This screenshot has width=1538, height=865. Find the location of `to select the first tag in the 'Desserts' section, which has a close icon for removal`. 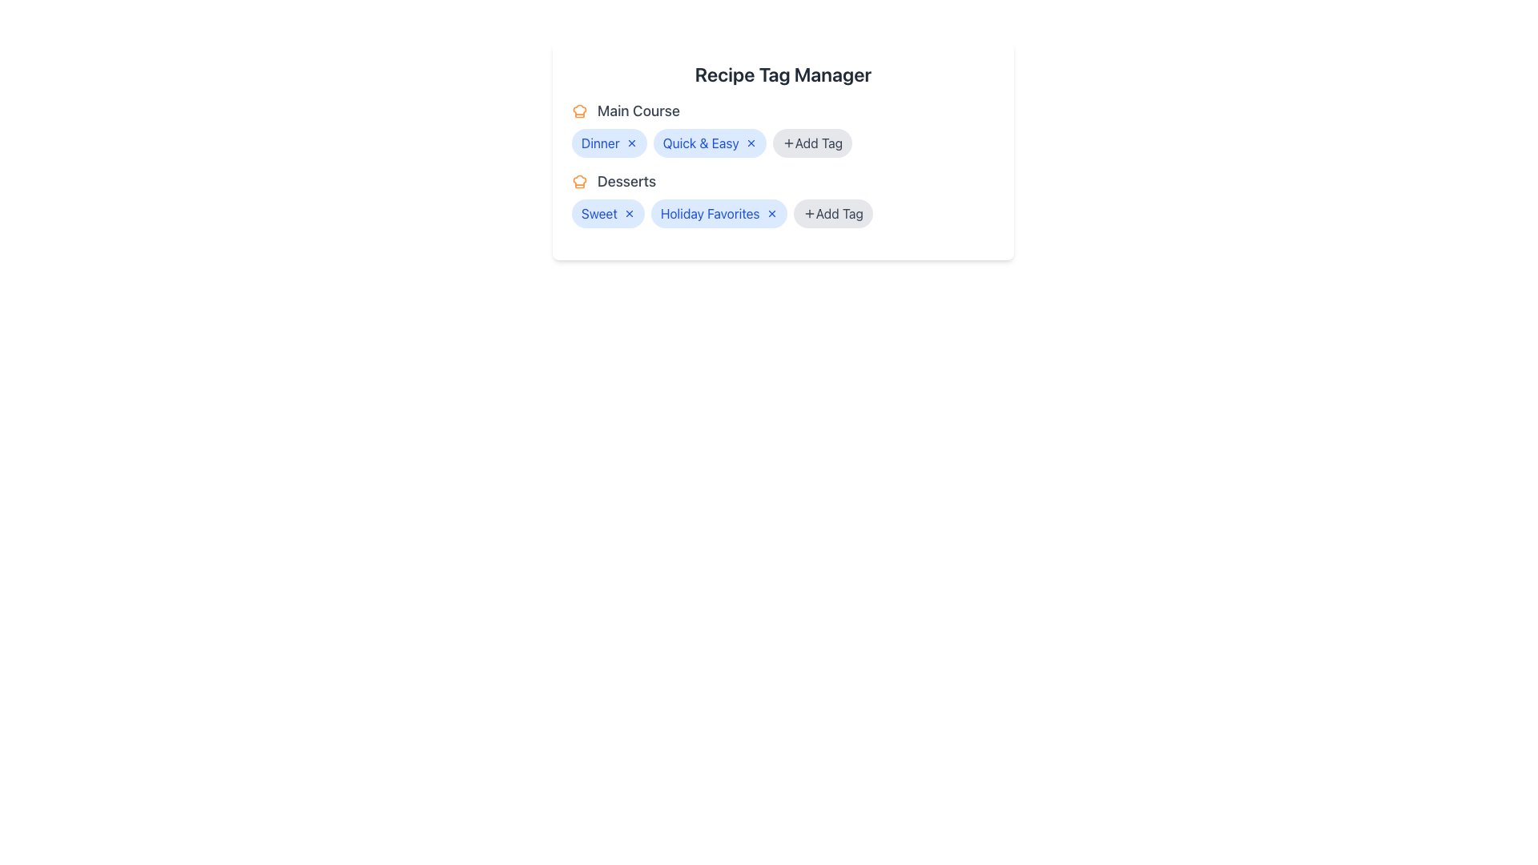

to select the first tag in the 'Desserts' section, which has a close icon for removal is located at coordinates (607, 212).